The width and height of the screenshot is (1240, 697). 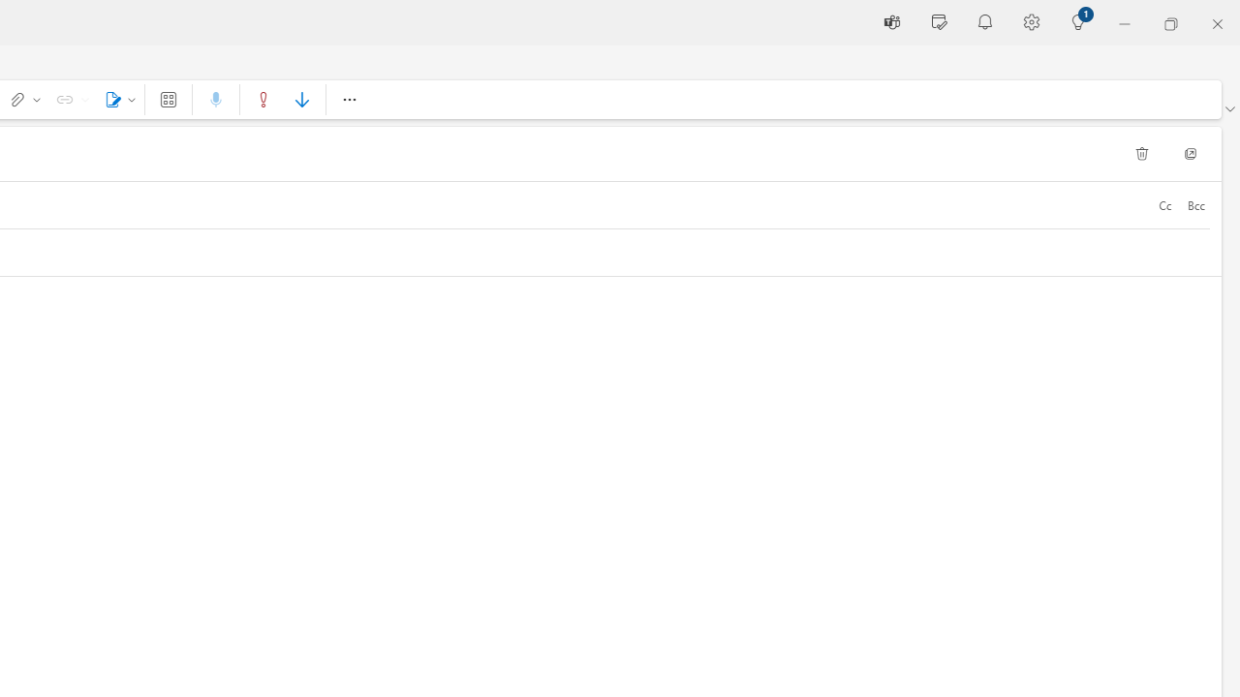 I want to click on 'Discard', so click(x=1141, y=153).